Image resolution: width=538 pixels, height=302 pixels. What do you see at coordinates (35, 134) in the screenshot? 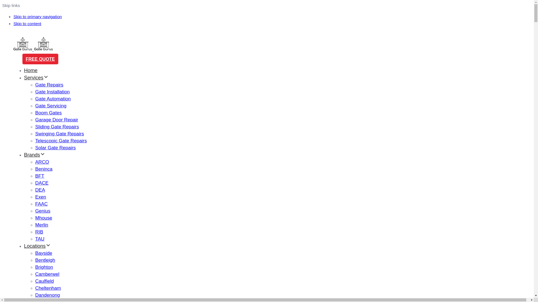
I see `'Swinging Gate Repairs'` at bounding box center [35, 134].